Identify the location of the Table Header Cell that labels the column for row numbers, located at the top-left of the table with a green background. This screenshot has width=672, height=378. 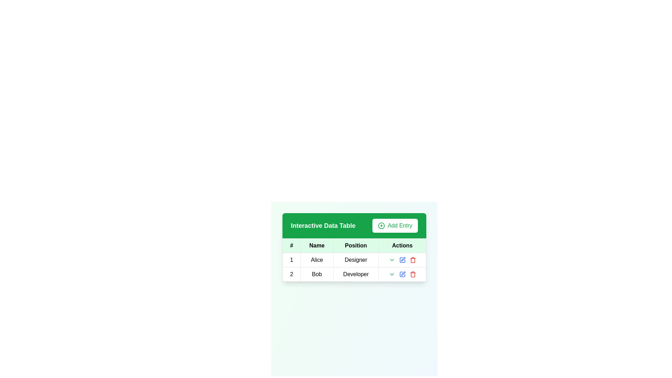
(292, 245).